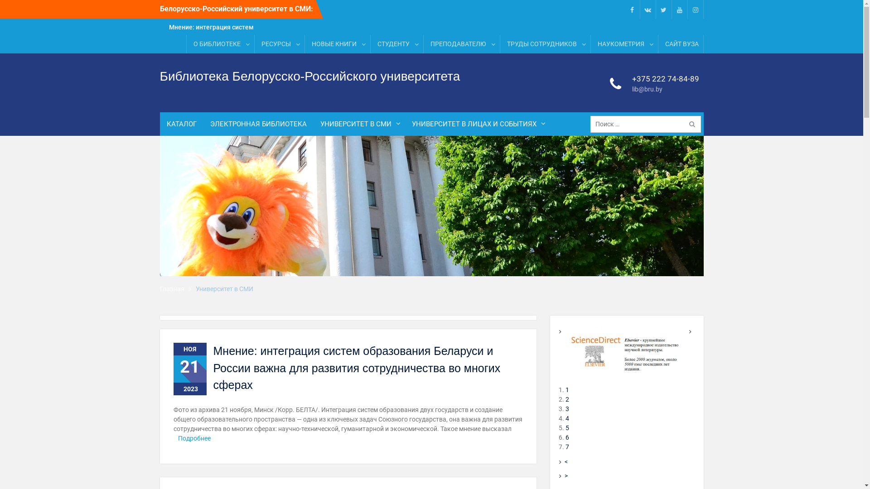  I want to click on '+375 222 74-84-89', so click(665, 78).